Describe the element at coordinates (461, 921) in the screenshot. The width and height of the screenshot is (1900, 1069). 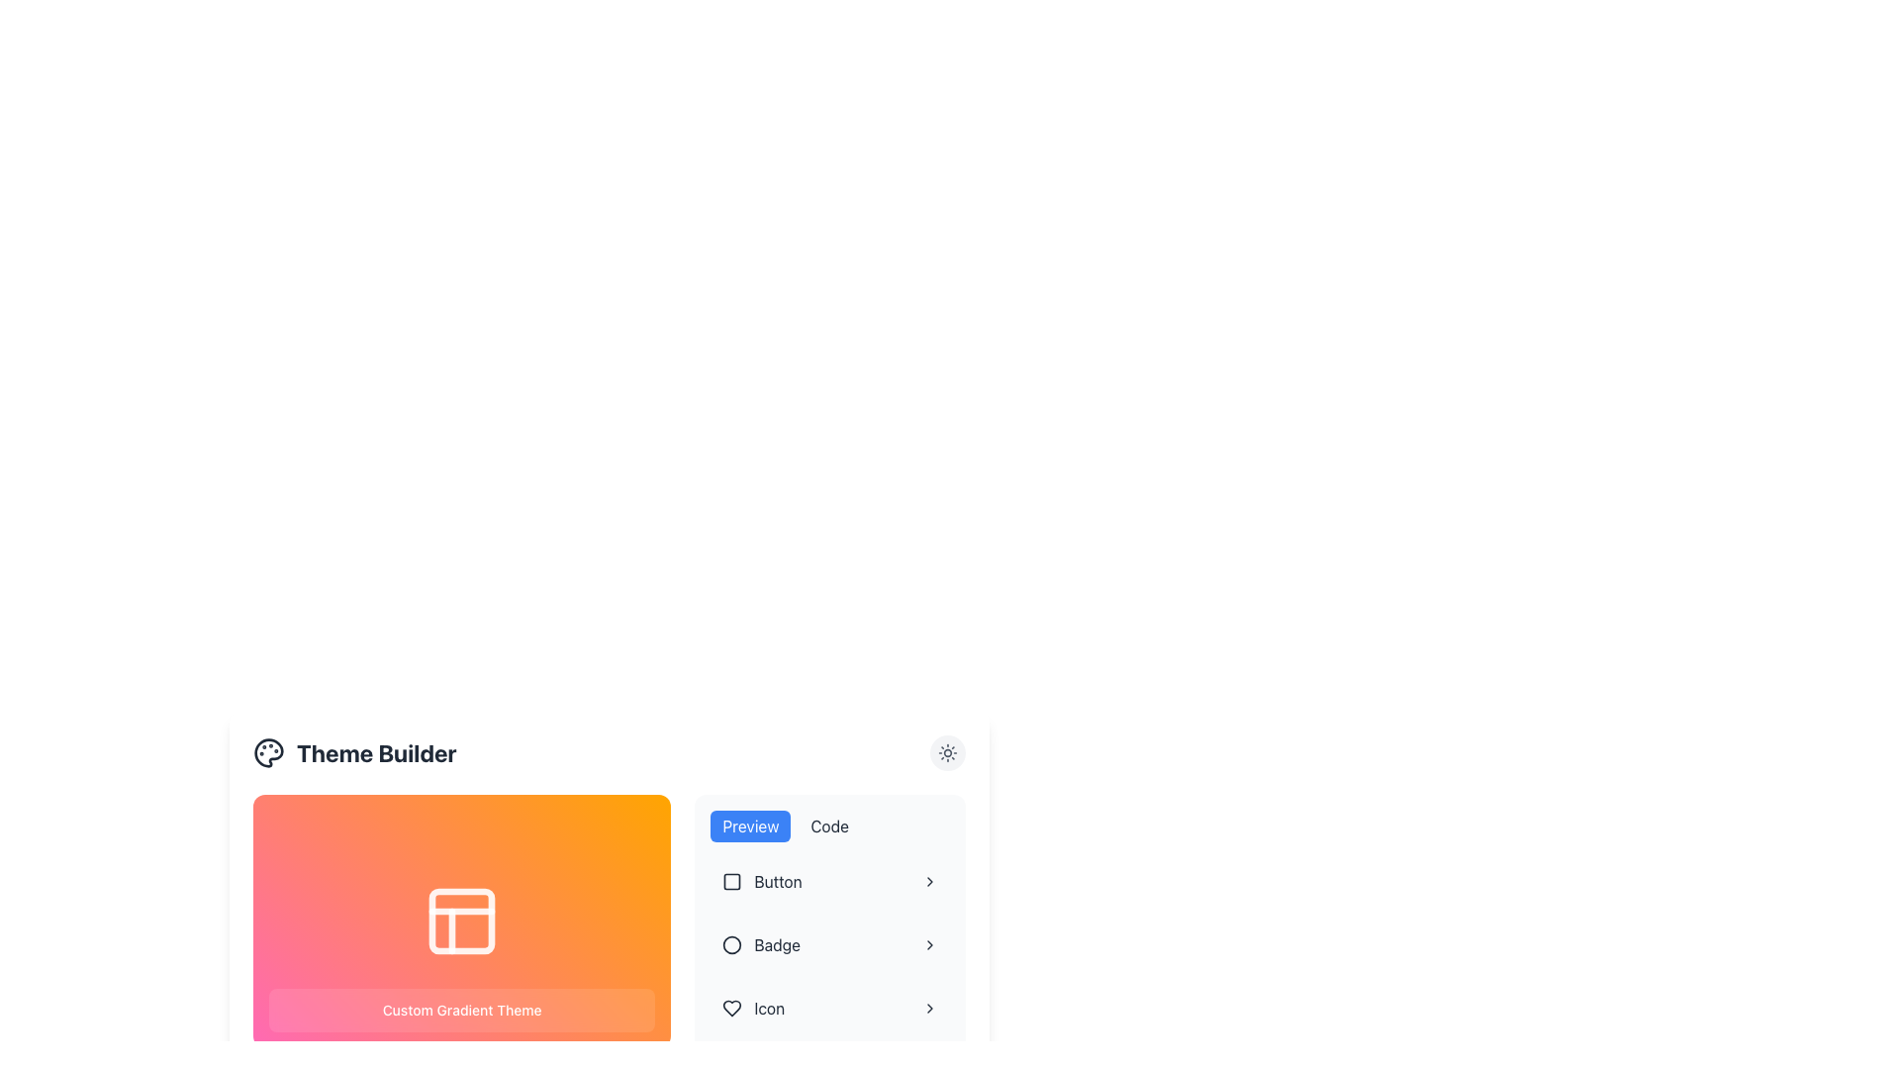
I see `the customizable gradient theme panel located at the top-left section of the 'Theme Builder' interface` at that location.